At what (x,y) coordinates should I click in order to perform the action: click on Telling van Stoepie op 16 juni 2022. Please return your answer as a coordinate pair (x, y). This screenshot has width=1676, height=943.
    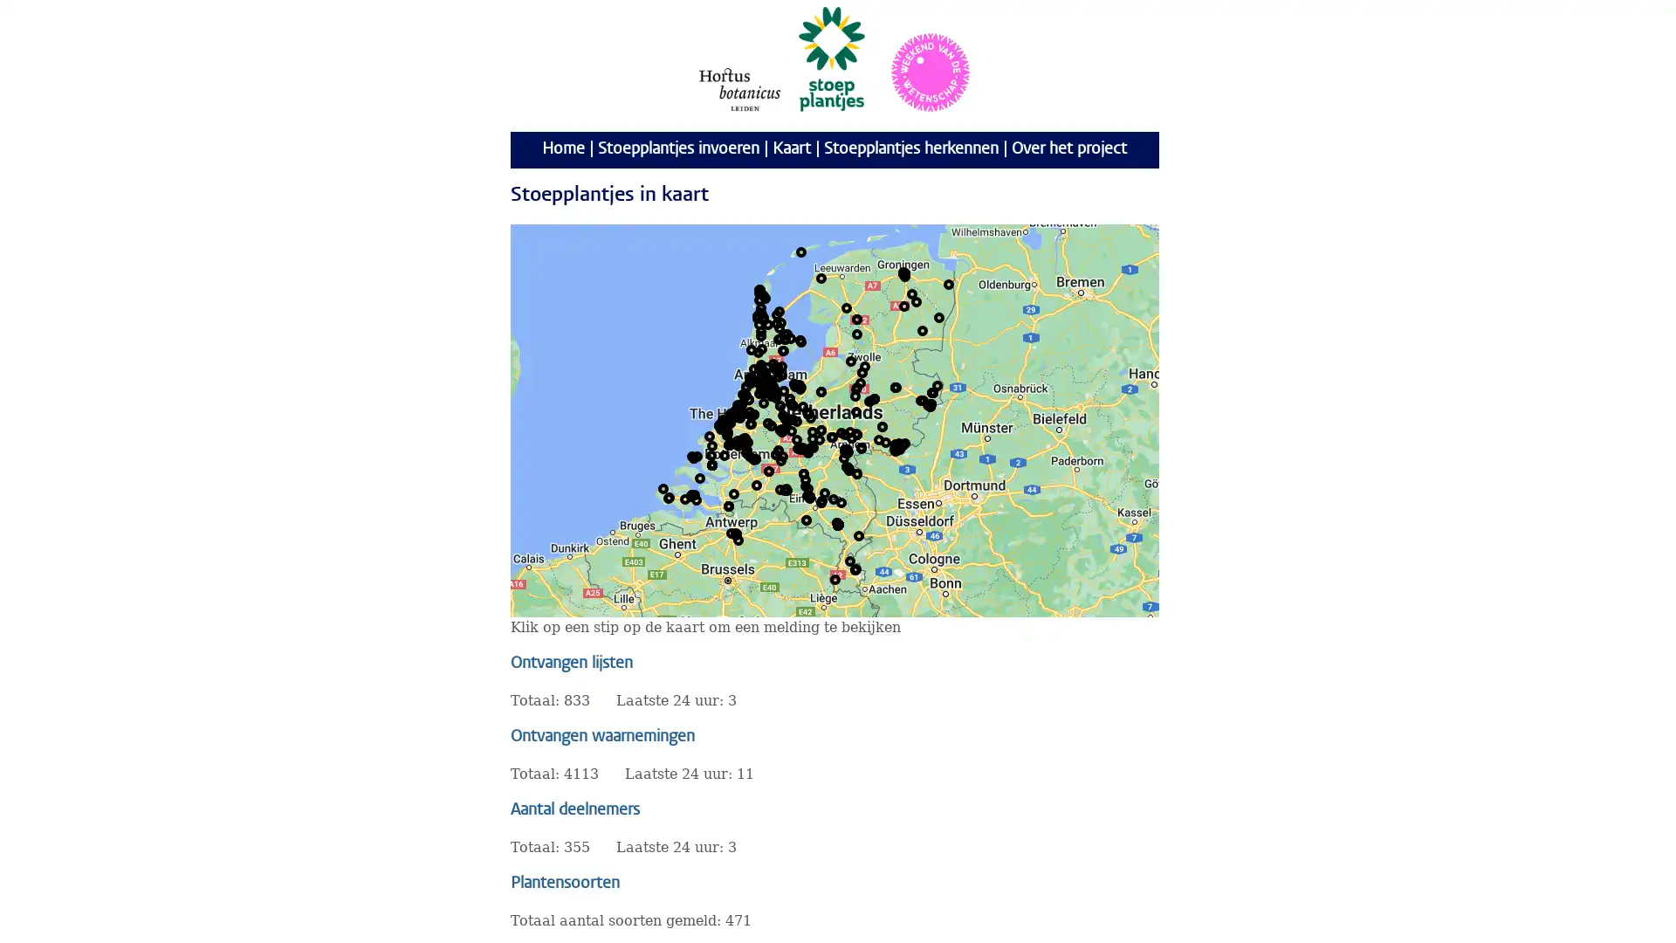
    Looking at the image, I should click on (855, 410).